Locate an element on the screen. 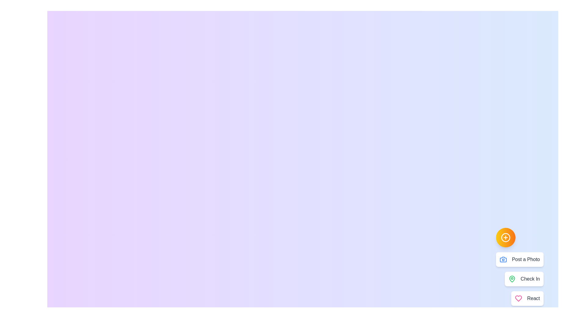 The height and width of the screenshot is (329, 586). floating action button to toggle the menu is located at coordinates (506, 237).